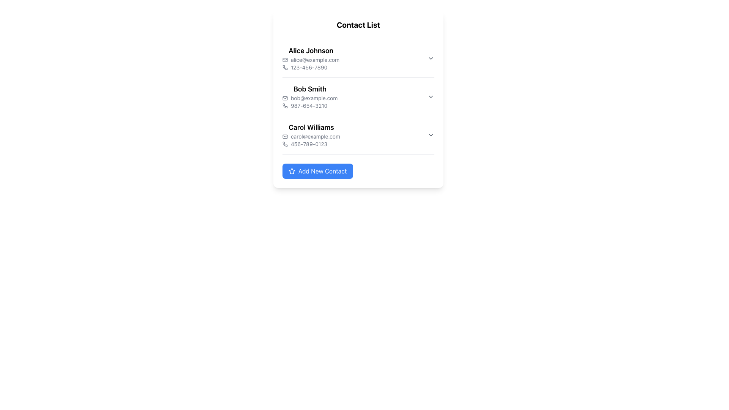  Describe the element at coordinates (311, 67) in the screenshot. I see `phone number displayed as static text for the contact 'Alice Johnson', located below the email address and to the right of the phone icon` at that location.